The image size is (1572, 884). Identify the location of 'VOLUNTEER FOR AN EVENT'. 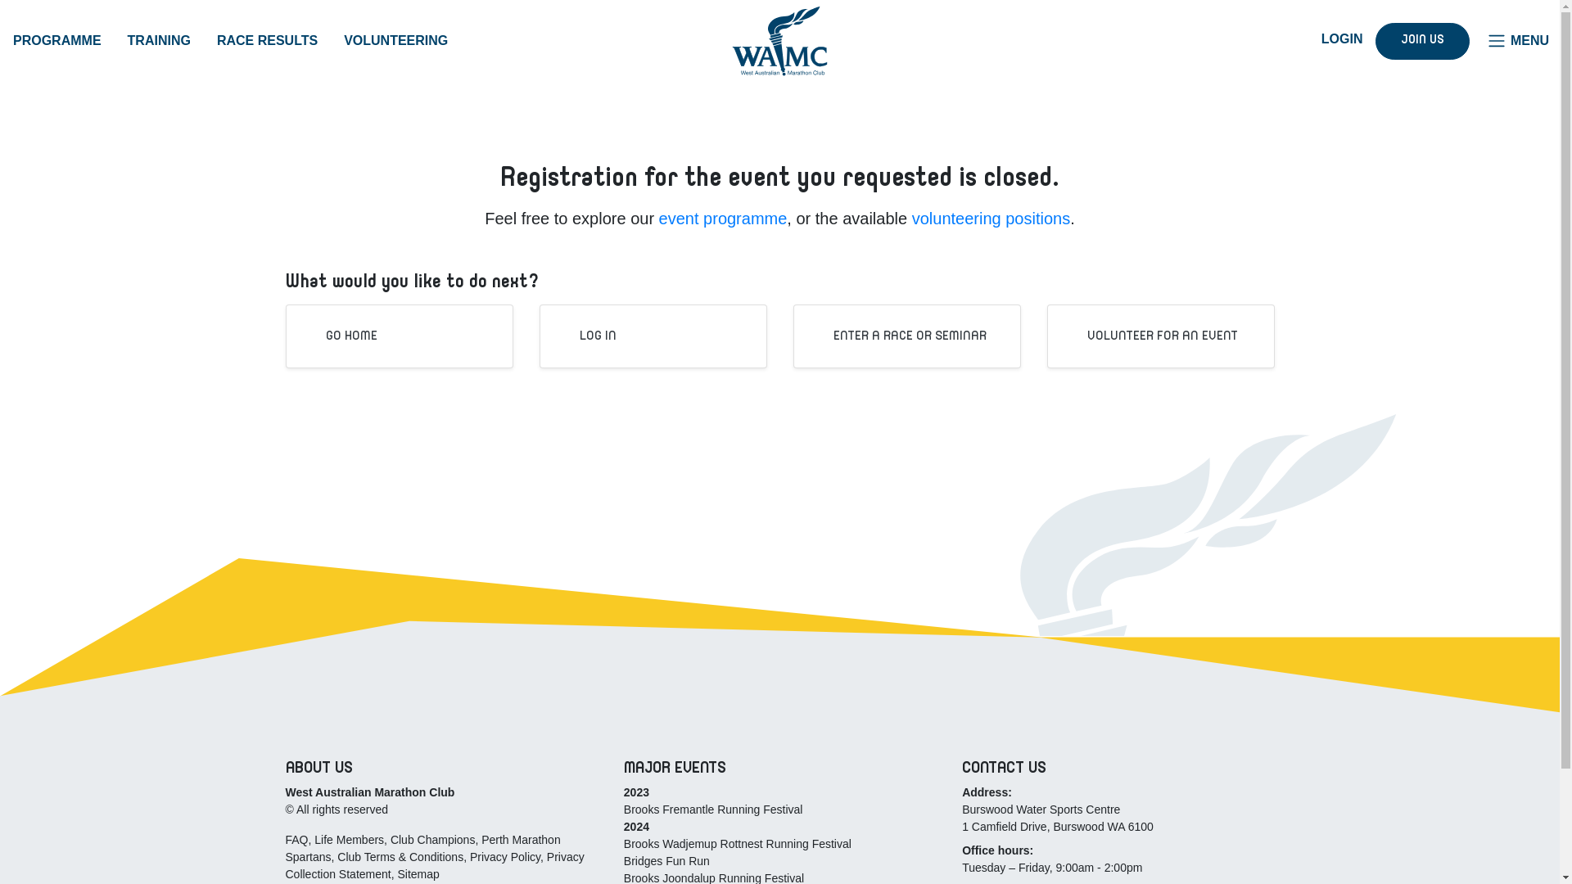
(1150, 336).